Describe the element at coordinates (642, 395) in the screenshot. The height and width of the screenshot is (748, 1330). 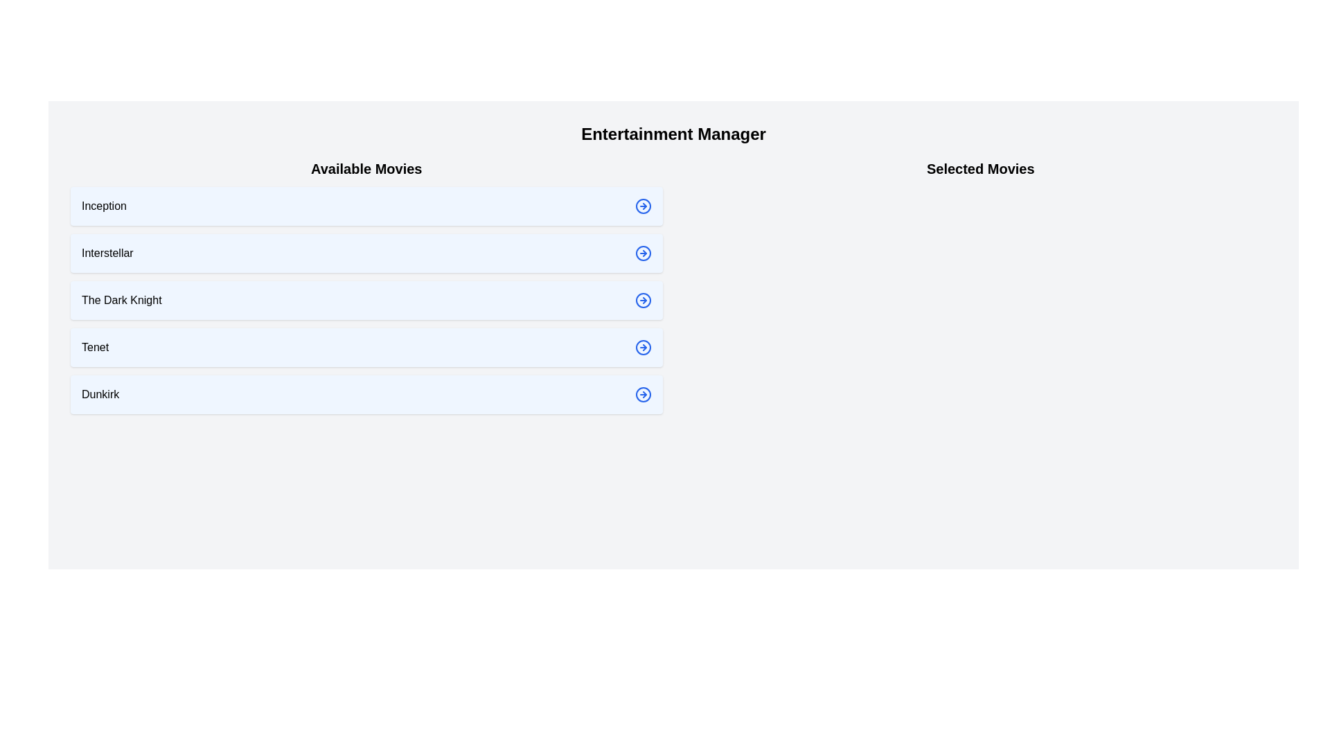
I see `the arrow icon next to the movie Dunkirk to select it` at that location.